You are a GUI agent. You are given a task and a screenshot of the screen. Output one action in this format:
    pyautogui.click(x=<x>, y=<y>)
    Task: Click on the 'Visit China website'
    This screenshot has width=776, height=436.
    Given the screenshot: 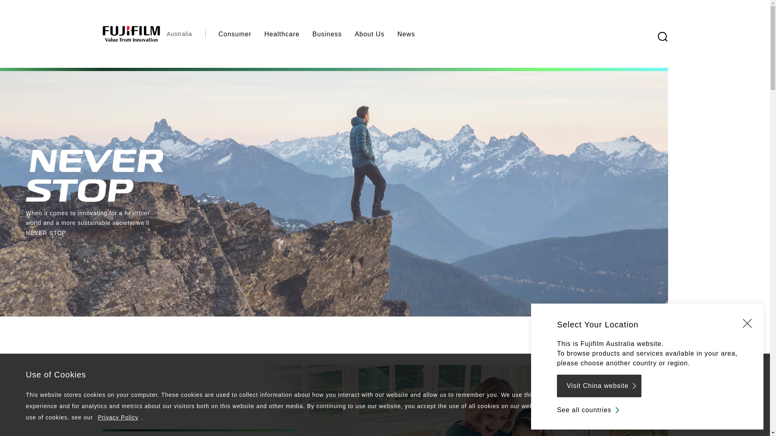 What is the action you would take?
    pyautogui.click(x=599, y=386)
    